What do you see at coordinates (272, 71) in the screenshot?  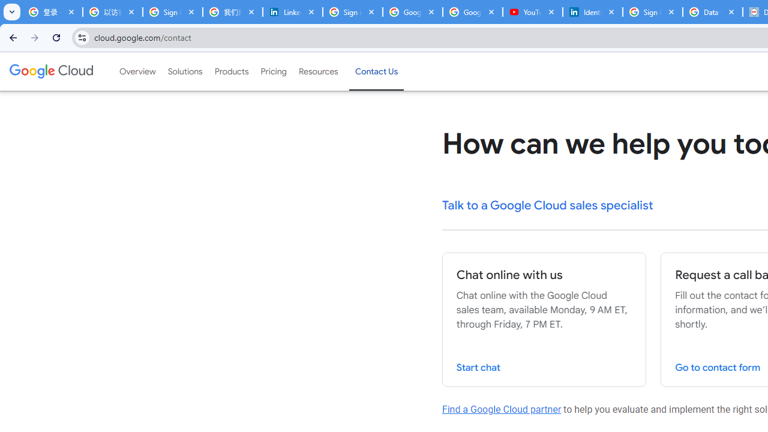 I see `'Pricing'` at bounding box center [272, 71].